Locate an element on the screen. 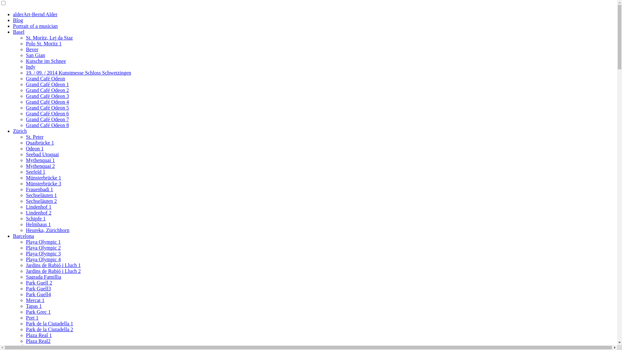  'Tapas 1' is located at coordinates (33, 306).